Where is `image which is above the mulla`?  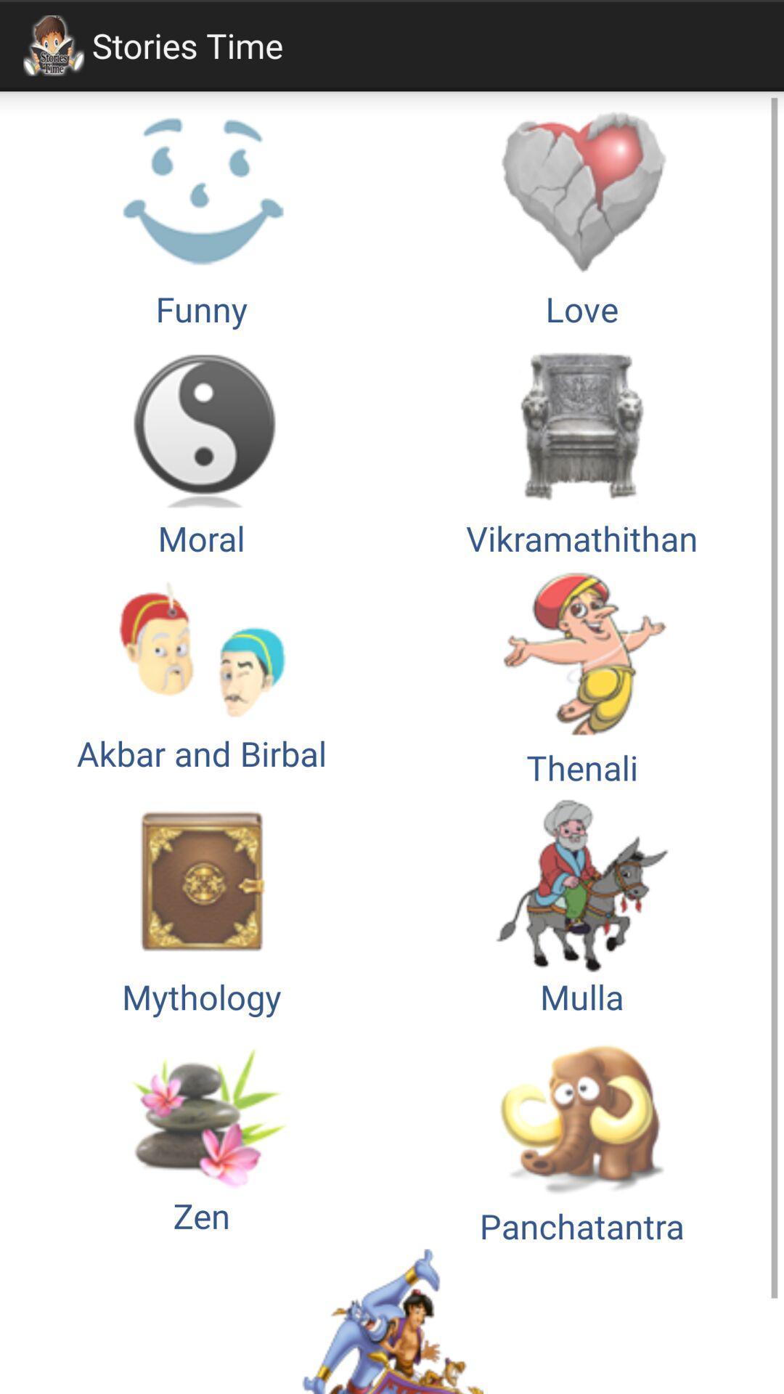 image which is above the mulla is located at coordinates (581, 675).